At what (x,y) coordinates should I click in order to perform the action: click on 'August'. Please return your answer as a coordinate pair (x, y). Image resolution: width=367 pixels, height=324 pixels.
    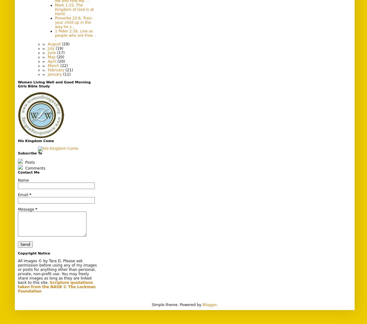
    Looking at the image, I should click on (55, 44).